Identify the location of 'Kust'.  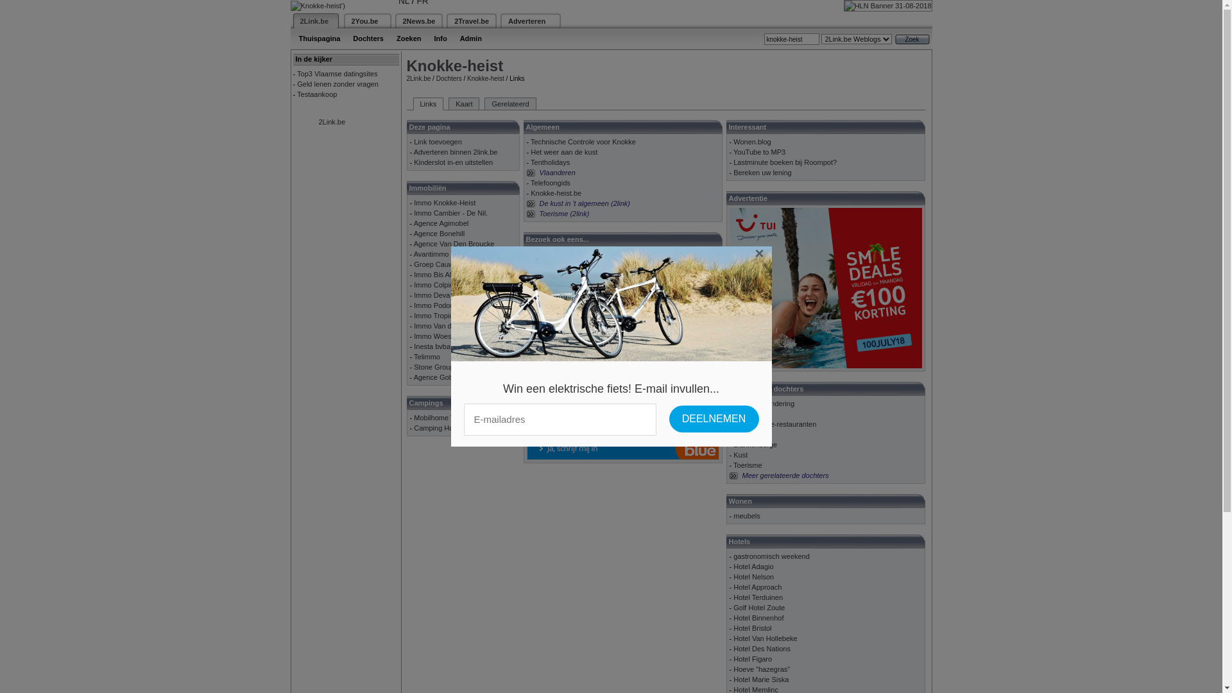
(733, 454).